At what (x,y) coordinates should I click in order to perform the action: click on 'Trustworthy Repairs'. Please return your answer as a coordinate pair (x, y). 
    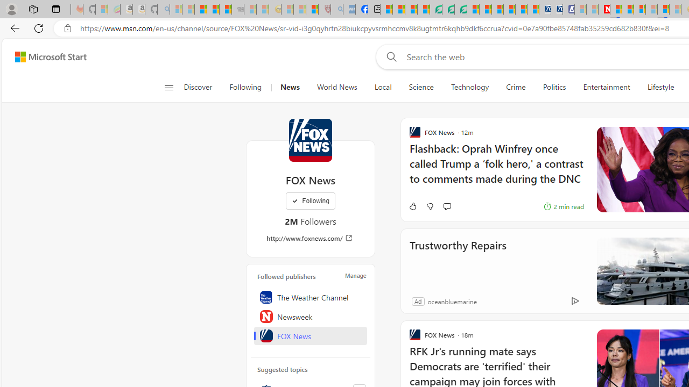
    Looking at the image, I should click on (458, 260).